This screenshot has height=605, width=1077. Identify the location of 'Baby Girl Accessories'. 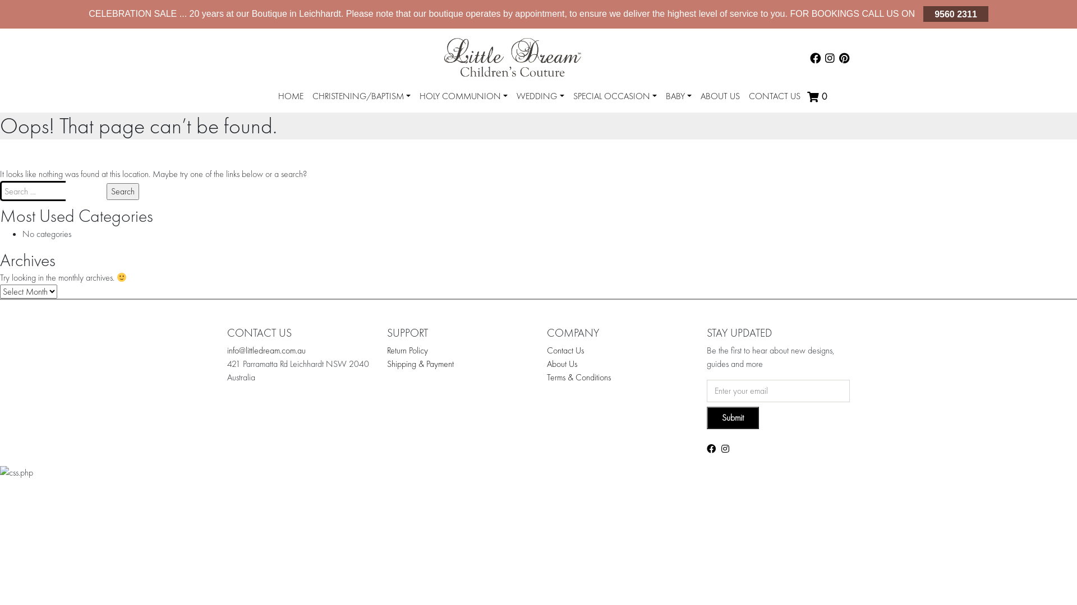
(722, 120).